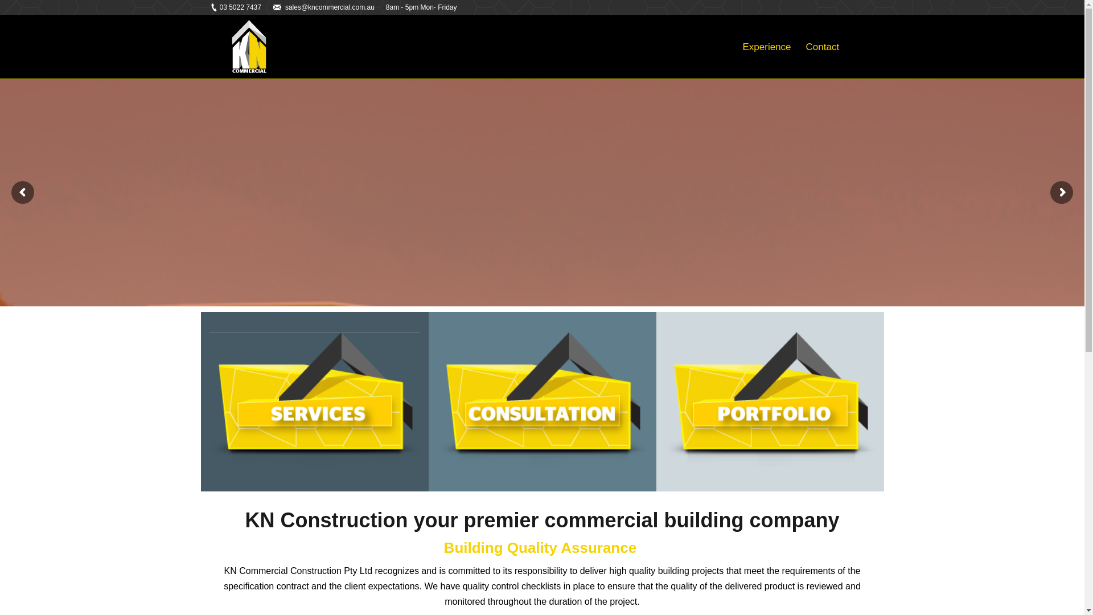 The width and height of the screenshot is (1093, 615). Describe the element at coordinates (14, 11) in the screenshot. I see `'Go!'` at that location.